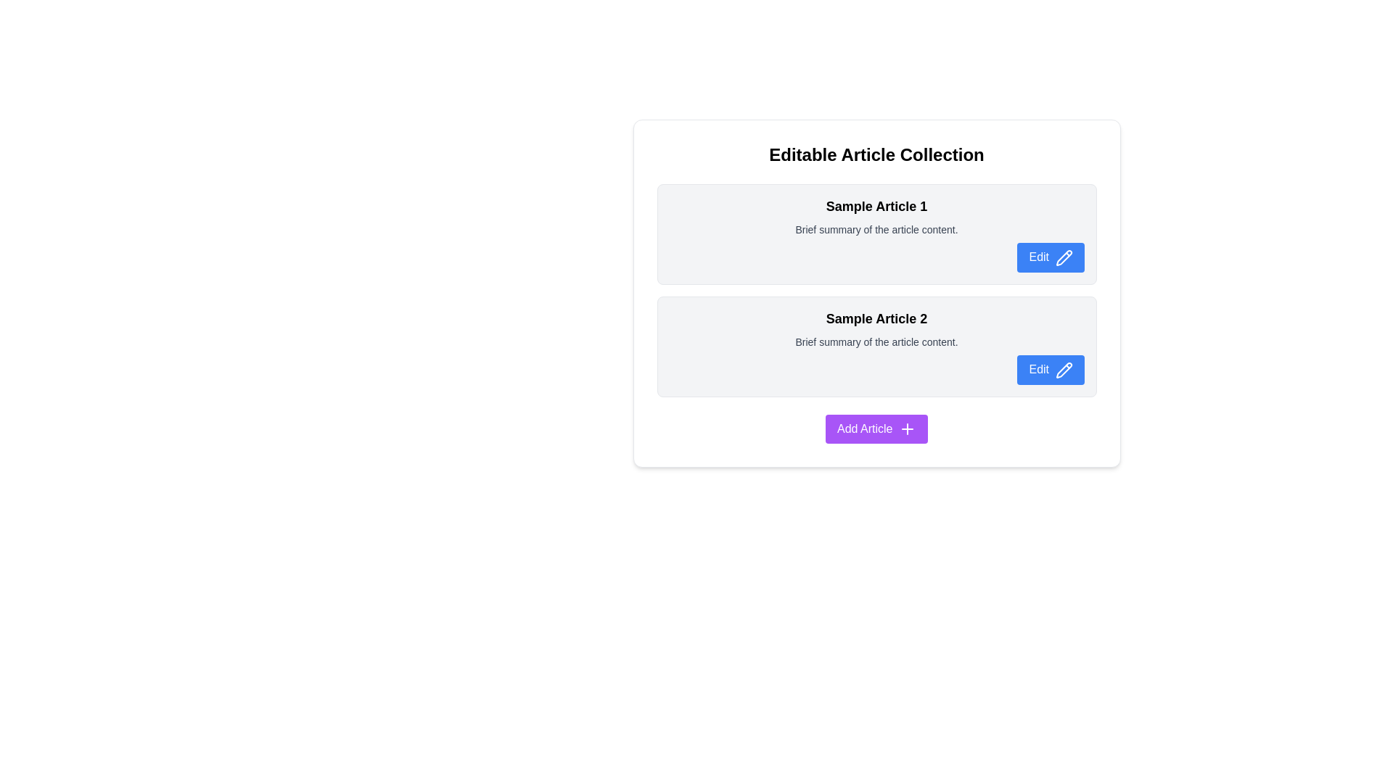  What do you see at coordinates (1064, 369) in the screenshot?
I see `the pencil icon located within the rightmost portion of the 'Edit' button for 'Sample Article 2' to invoke edit mode` at bounding box center [1064, 369].